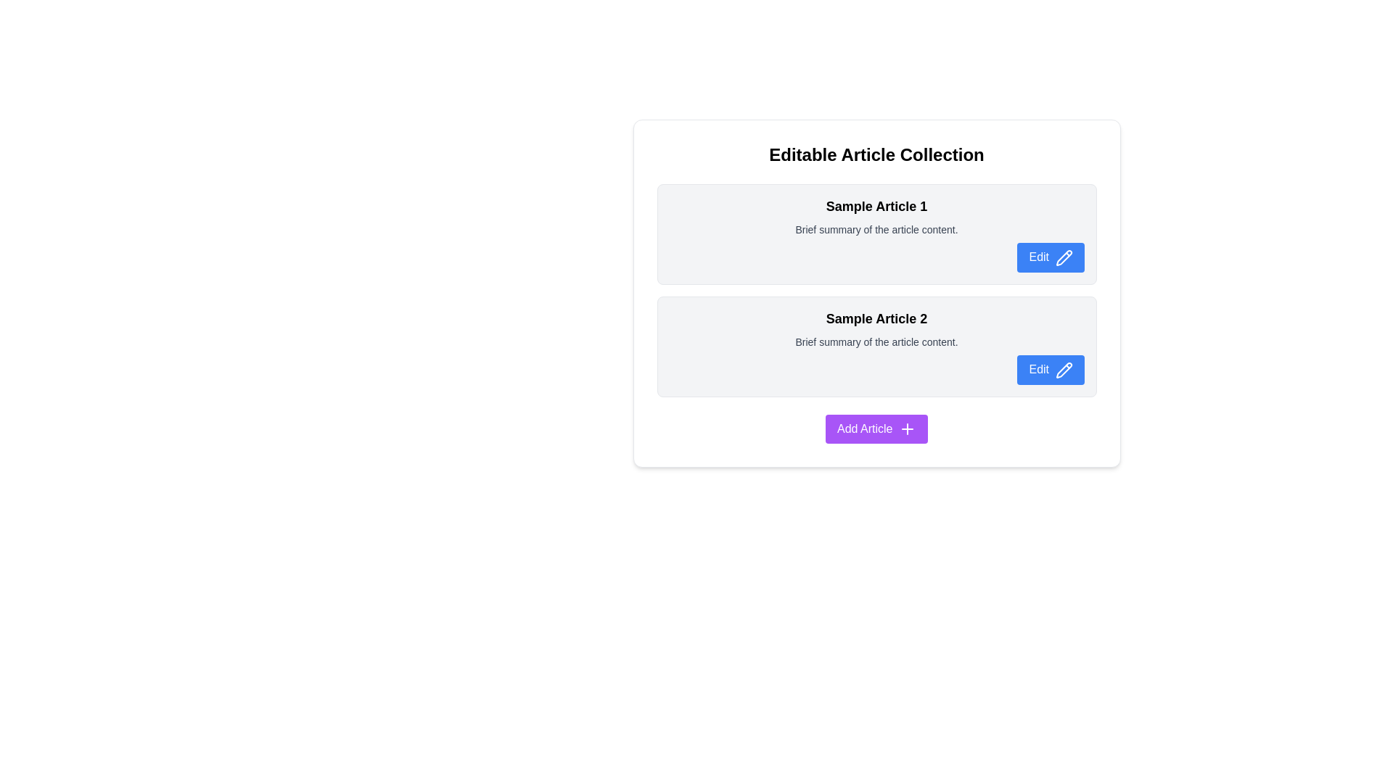  What do you see at coordinates (1064, 369) in the screenshot?
I see `the pencil icon located within the rightmost portion of the 'Edit' button for 'Sample Article 2' to invoke edit mode` at bounding box center [1064, 369].